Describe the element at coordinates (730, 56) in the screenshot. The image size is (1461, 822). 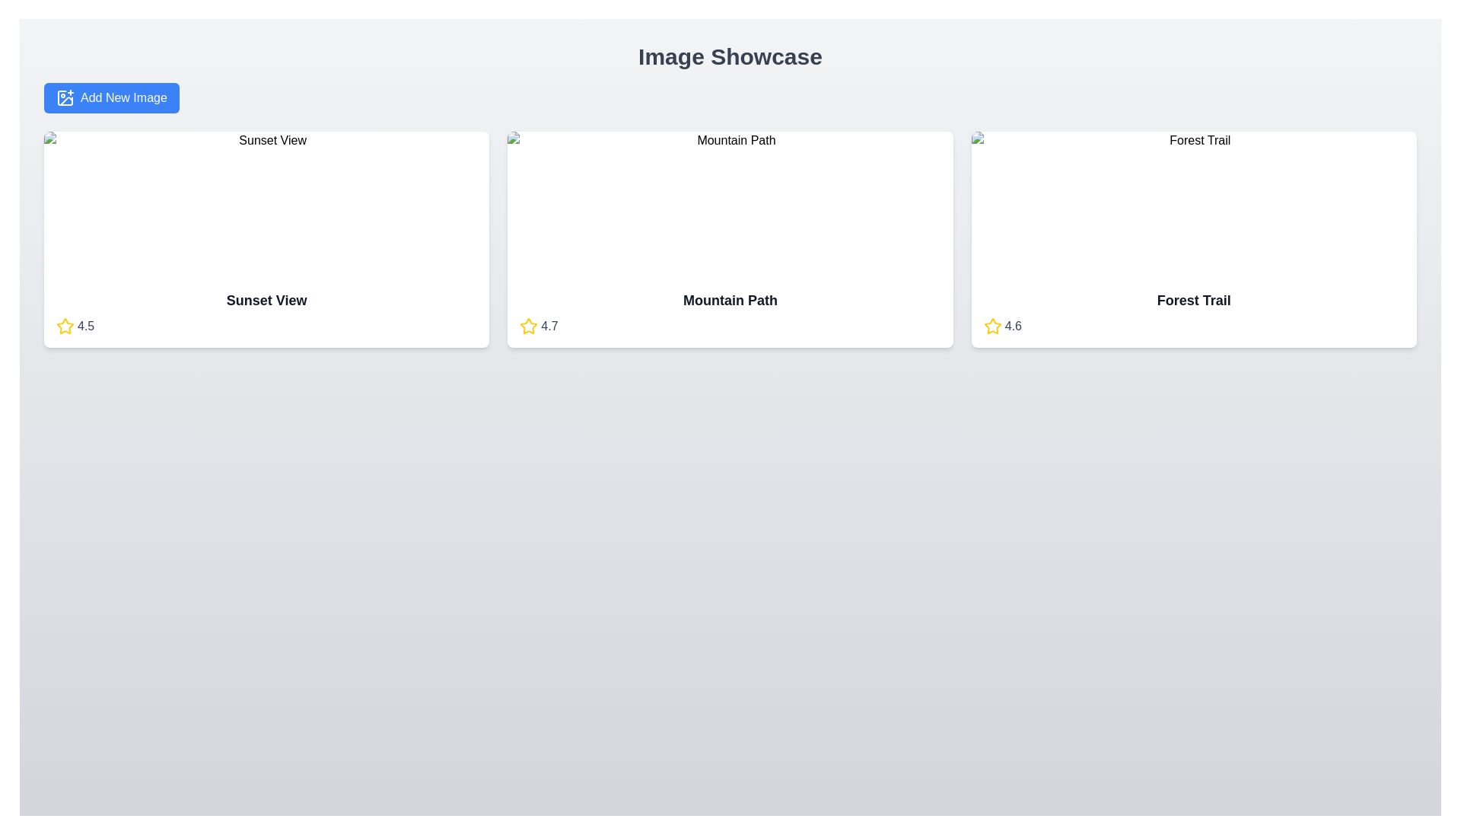
I see `text from the header labeled 'Image Showcase', which is styled in bold, large typography and is dark gray in color, located at the top center of the interface` at that location.